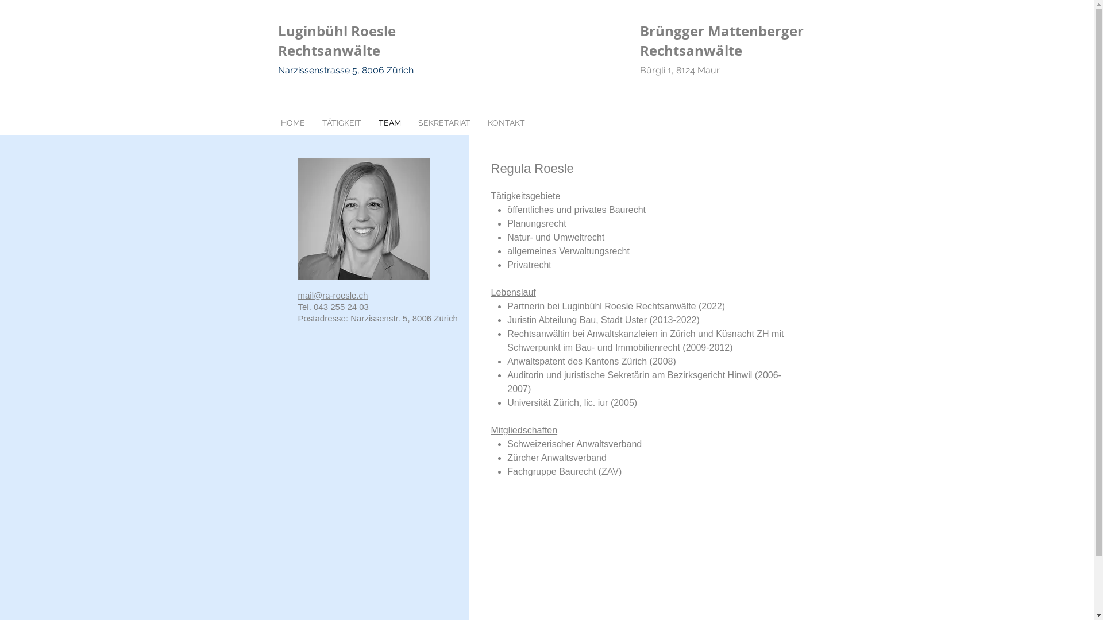 This screenshot has height=620, width=1103. What do you see at coordinates (443, 122) in the screenshot?
I see `'SEKRETARIAT'` at bounding box center [443, 122].